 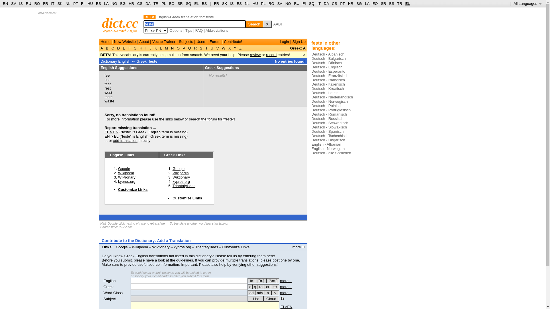 What do you see at coordinates (407, 3) in the screenshot?
I see `'EL'` at bounding box center [407, 3].